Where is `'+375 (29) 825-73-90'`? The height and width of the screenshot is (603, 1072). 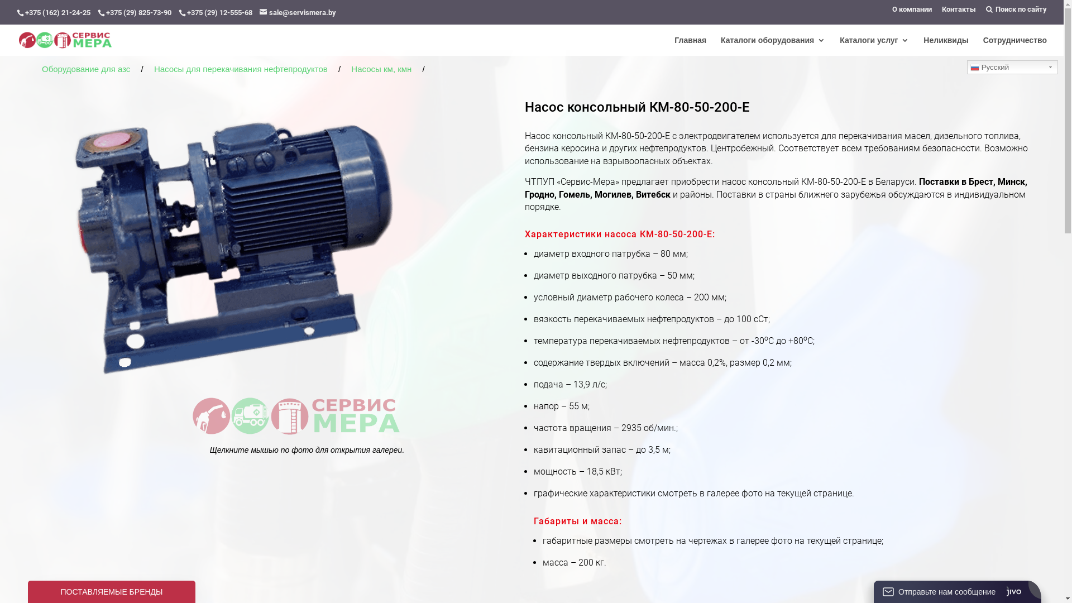
'+375 (29) 825-73-90' is located at coordinates (138, 12).